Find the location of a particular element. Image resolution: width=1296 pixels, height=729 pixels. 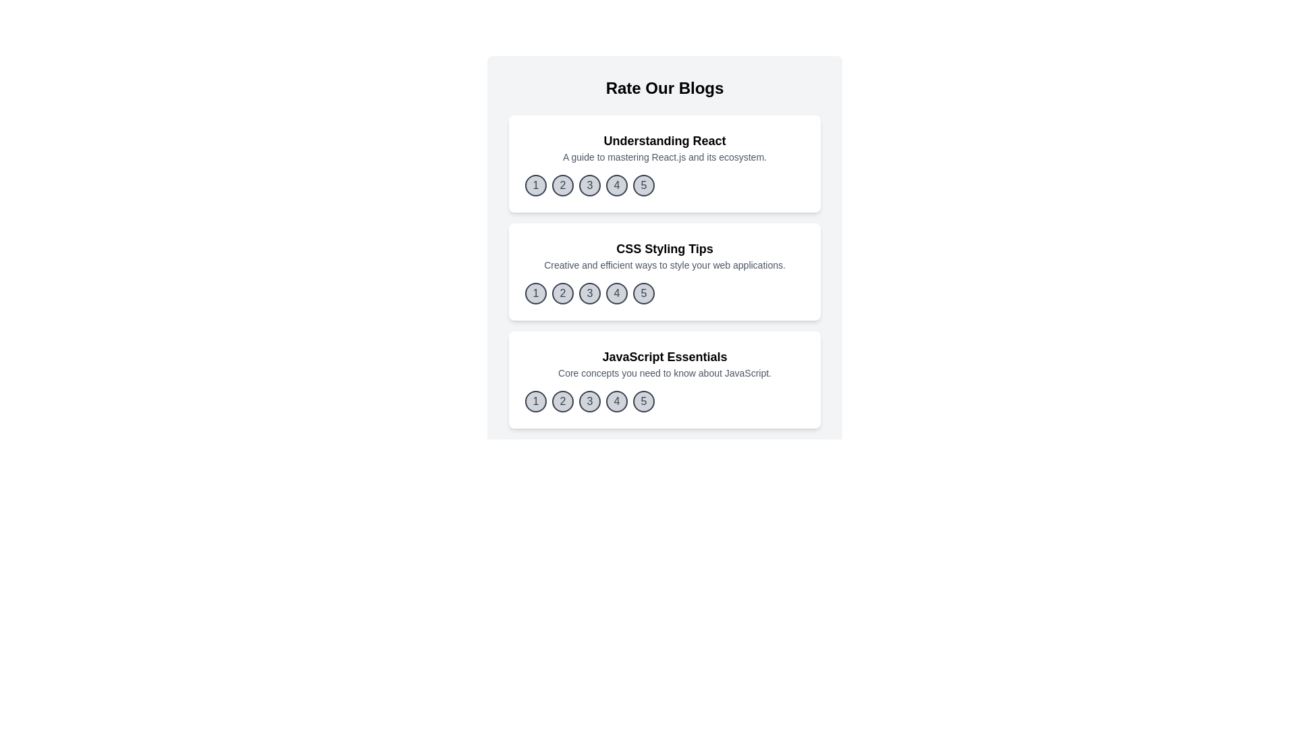

the rating button corresponding to 3 for the blog titled 'JavaScript Essentials' is located at coordinates (589, 400).